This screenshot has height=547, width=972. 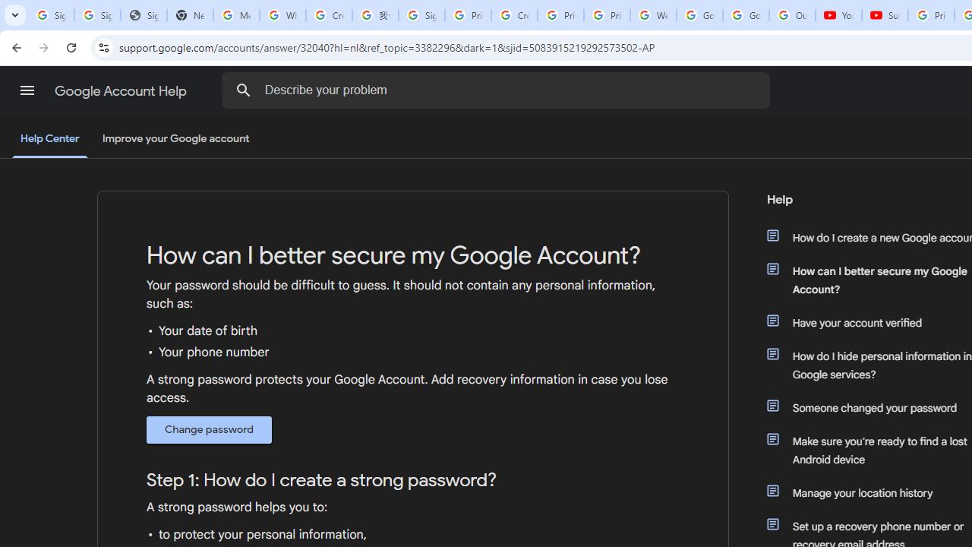 What do you see at coordinates (208, 429) in the screenshot?
I see `'Change password'` at bounding box center [208, 429].